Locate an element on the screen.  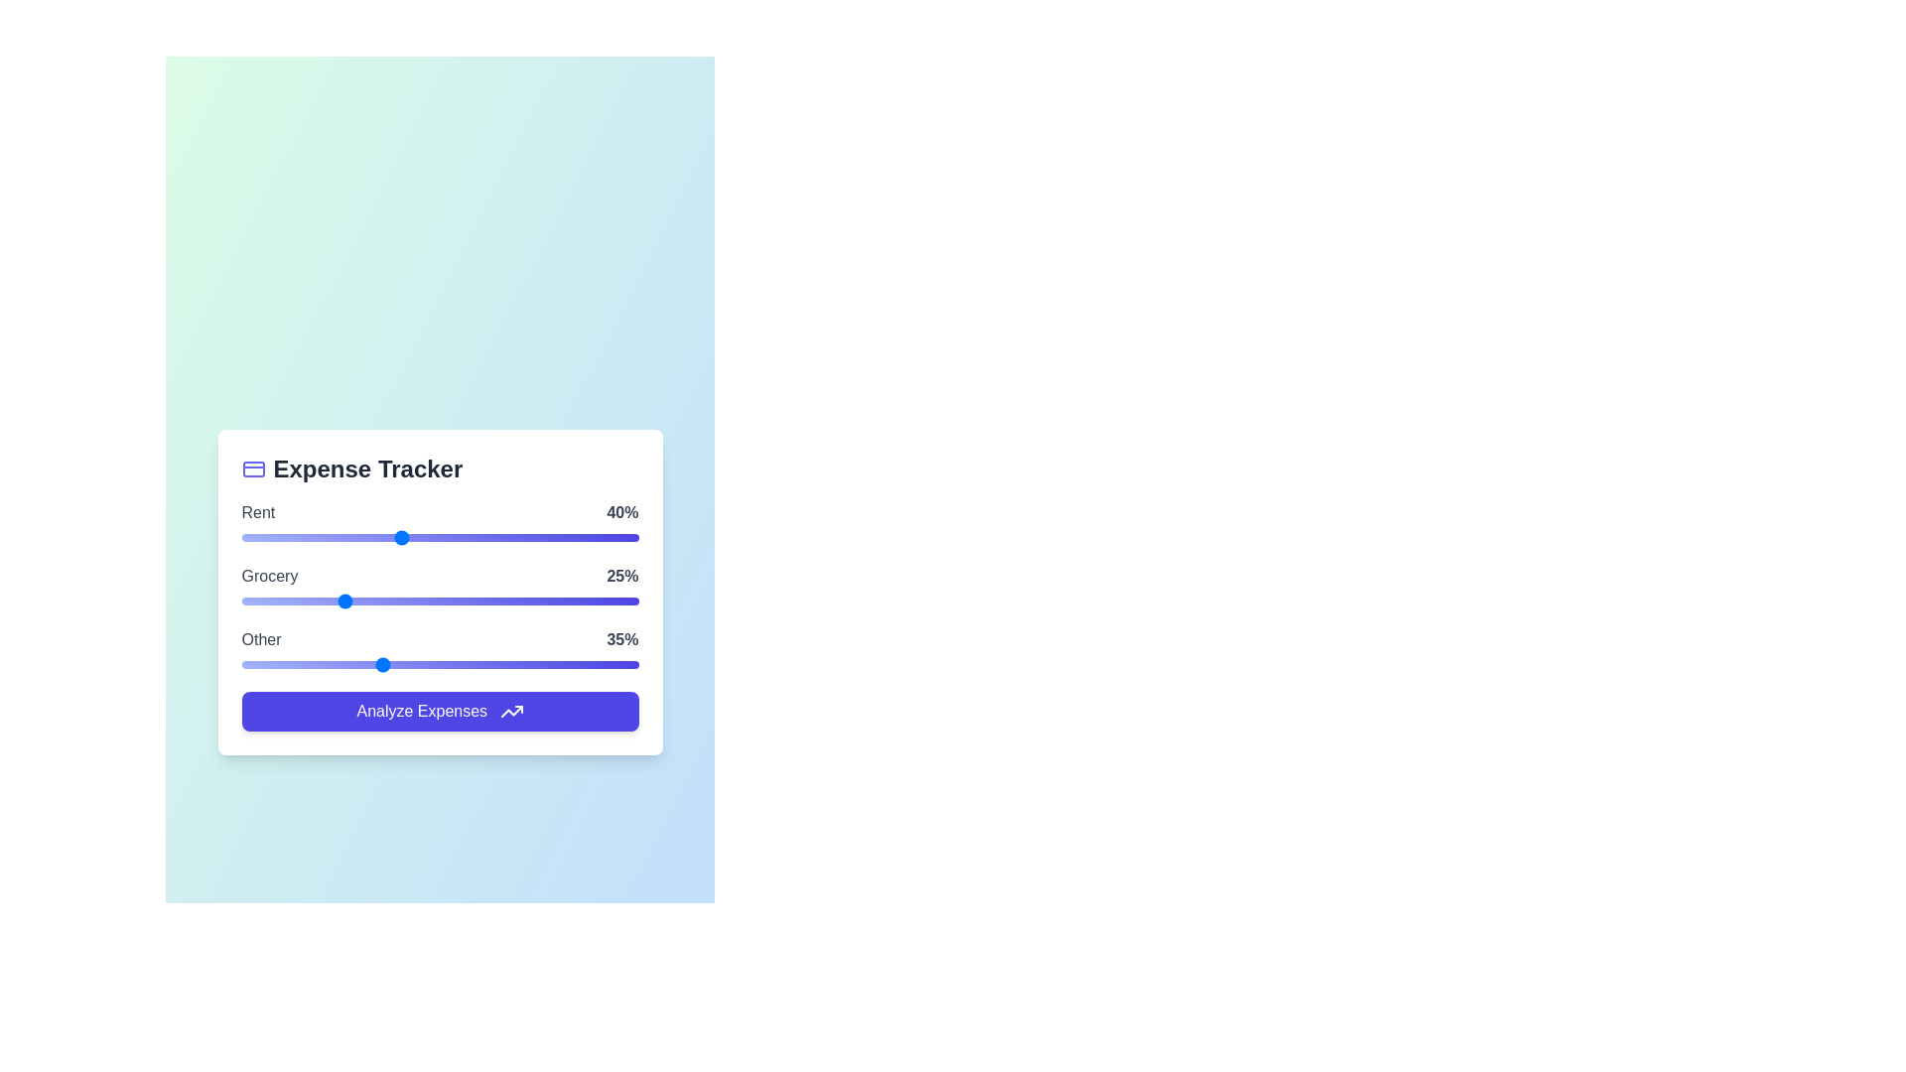
the 'Other' slider to 64% is located at coordinates (495, 664).